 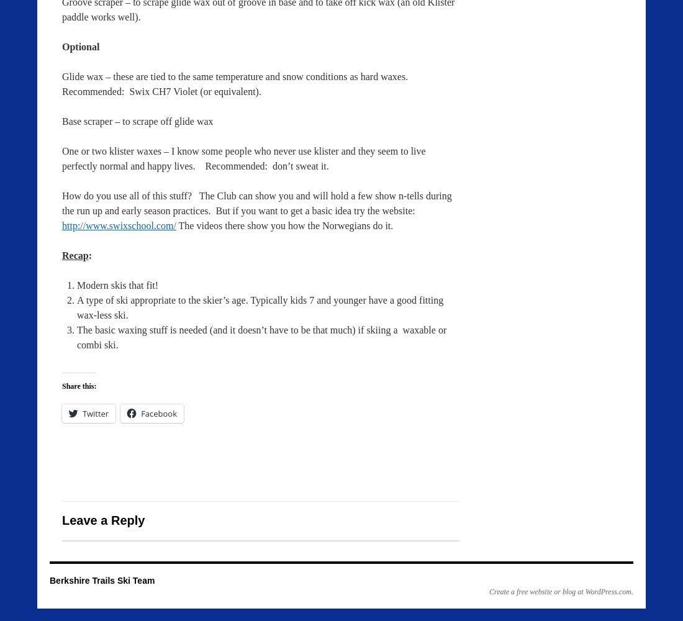 What do you see at coordinates (175, 225) in the screenshot?
I see `'The videos there show you how the Norwegians do it.'` at bounding box center [175, 225].